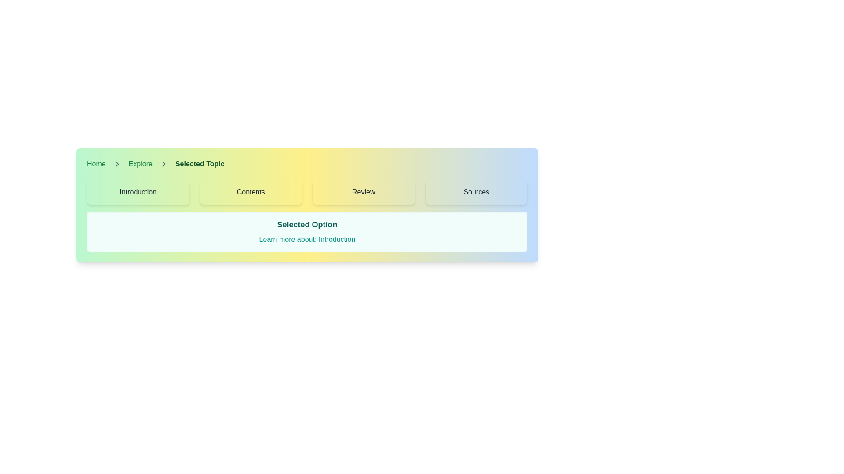 This screenshot has width=844, height=474. I want to click on the text label reading 'Sources' within the rounded rectangular button located in the top-right segment of the interface, so click(476, 192).